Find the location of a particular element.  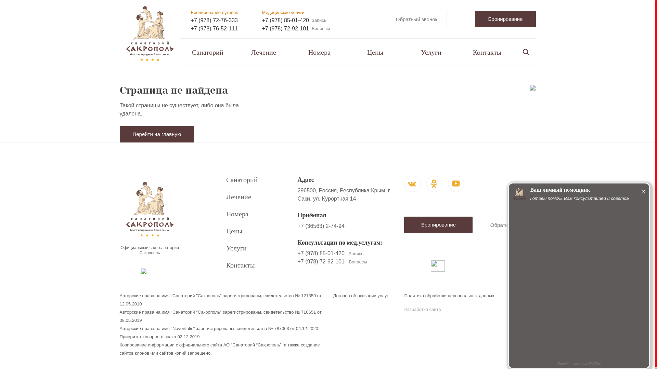

'+7 (978) 72-92-101' is located at coordinates (285, 28).